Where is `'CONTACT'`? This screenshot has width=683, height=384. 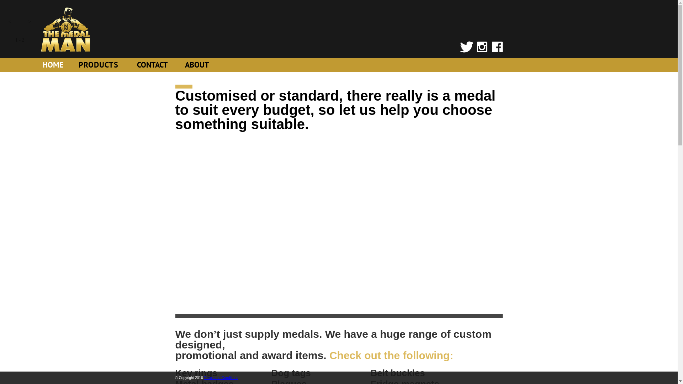 'CONTACT' is located at coordinates (153, 68).